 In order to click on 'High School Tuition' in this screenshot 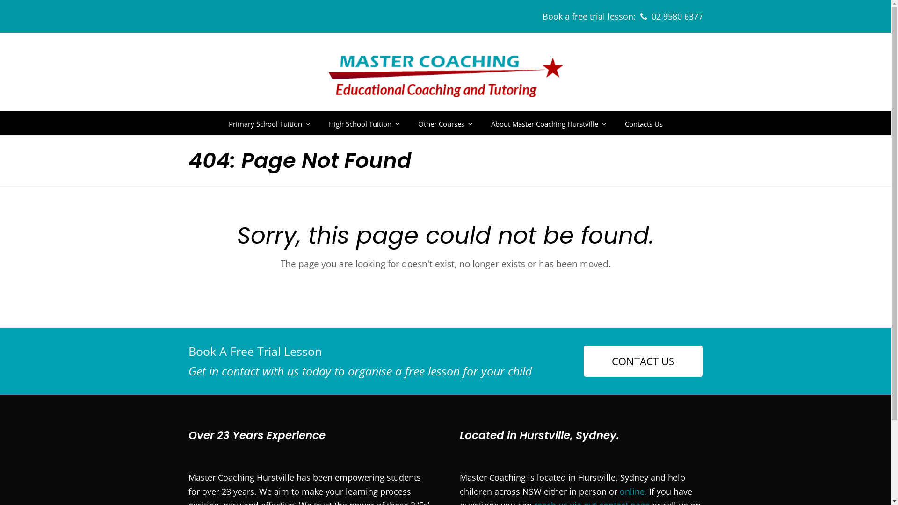, I will do `click(363, 123)`.